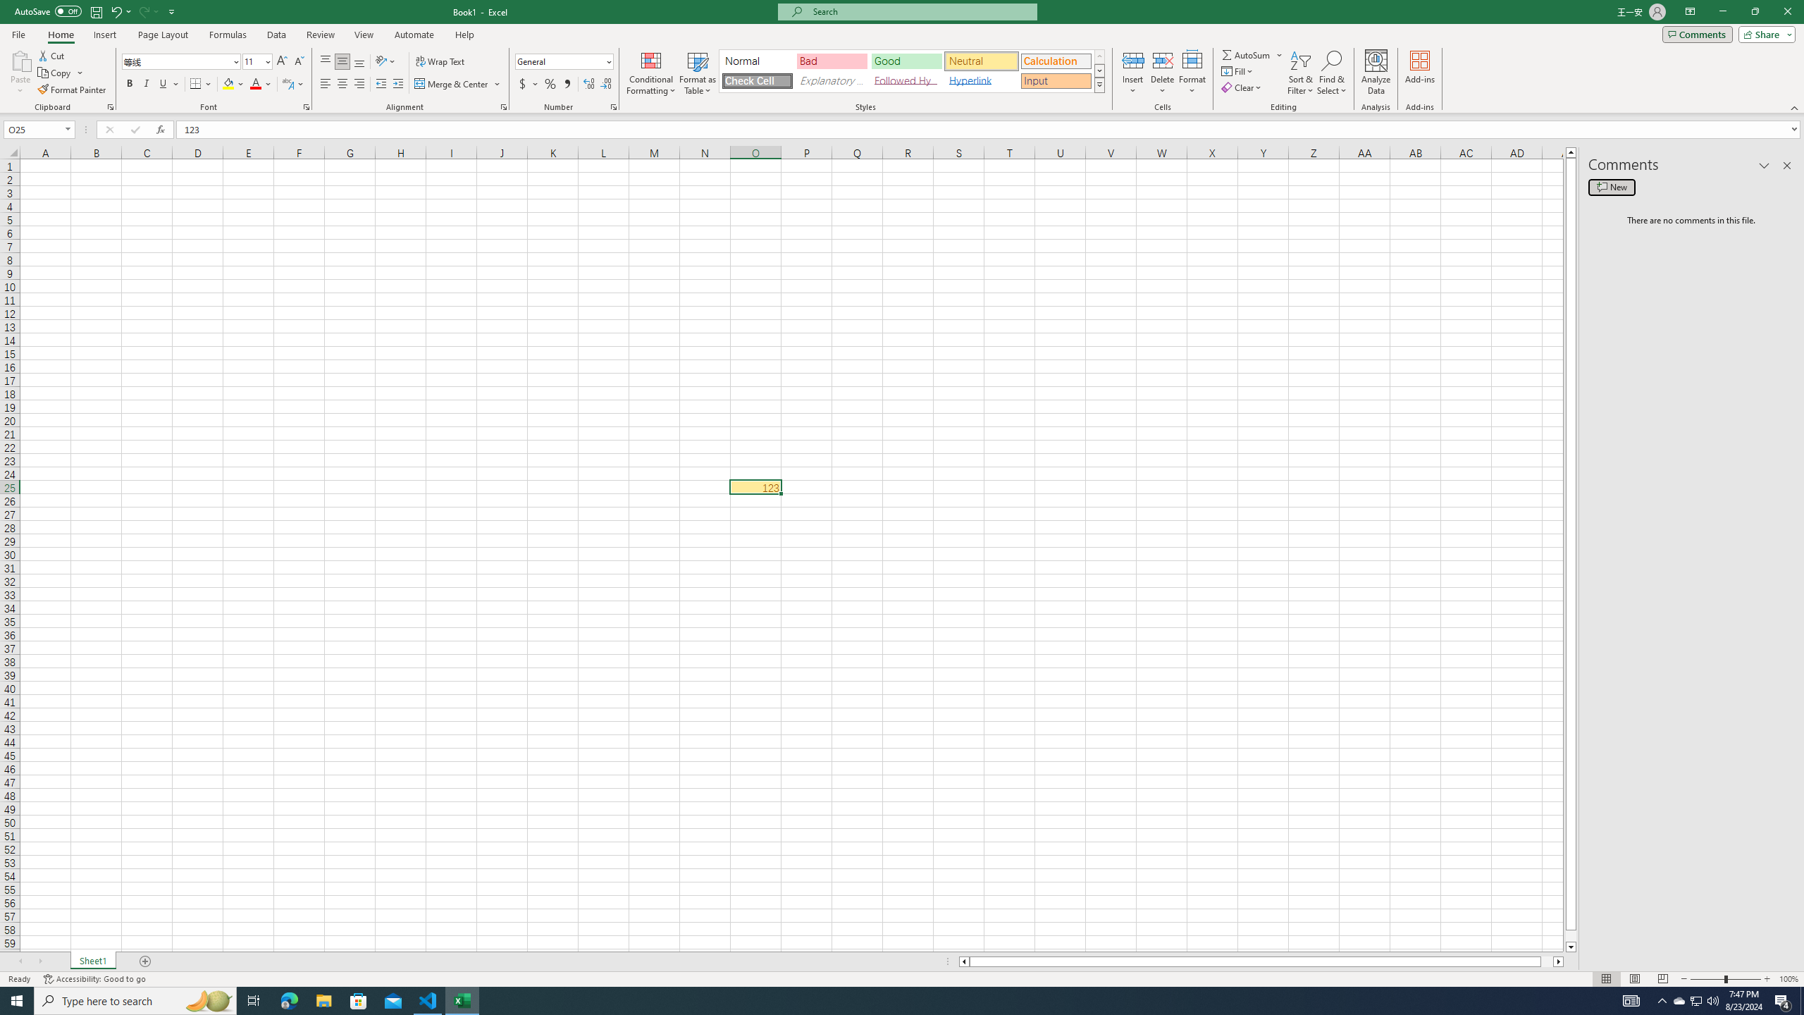  Describe the element at coordinates (529, 83) in the screenshot. I see `'Accounting Number Format'` at that location.